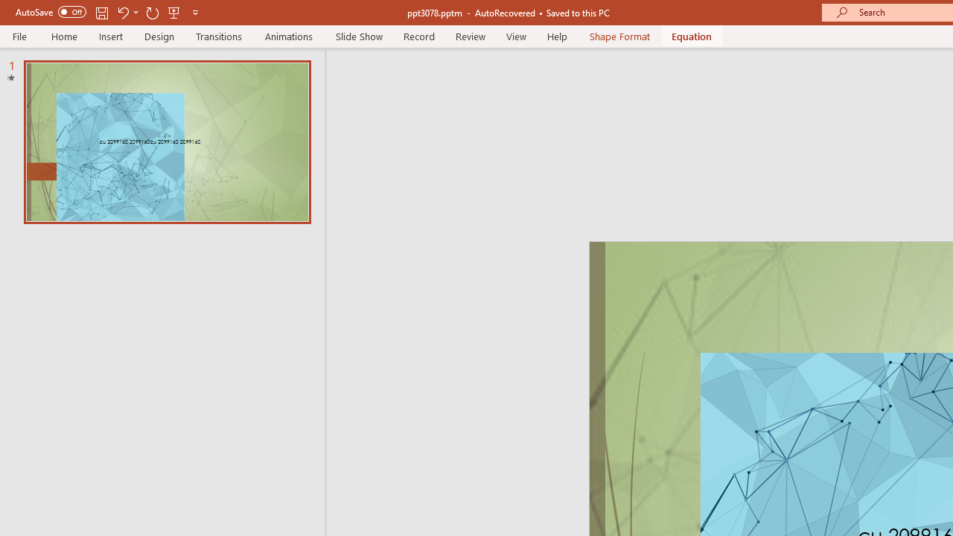  I want to click on 'Equation', so click(691, 36).